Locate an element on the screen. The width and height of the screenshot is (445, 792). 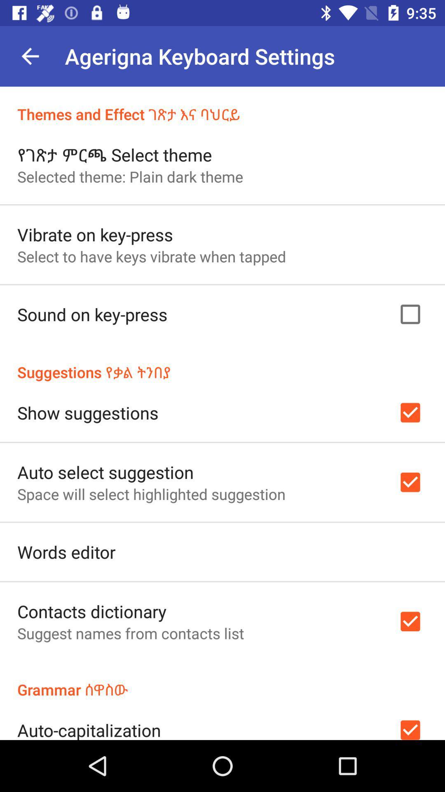
show suggestions is located at coordinates (88, 412).